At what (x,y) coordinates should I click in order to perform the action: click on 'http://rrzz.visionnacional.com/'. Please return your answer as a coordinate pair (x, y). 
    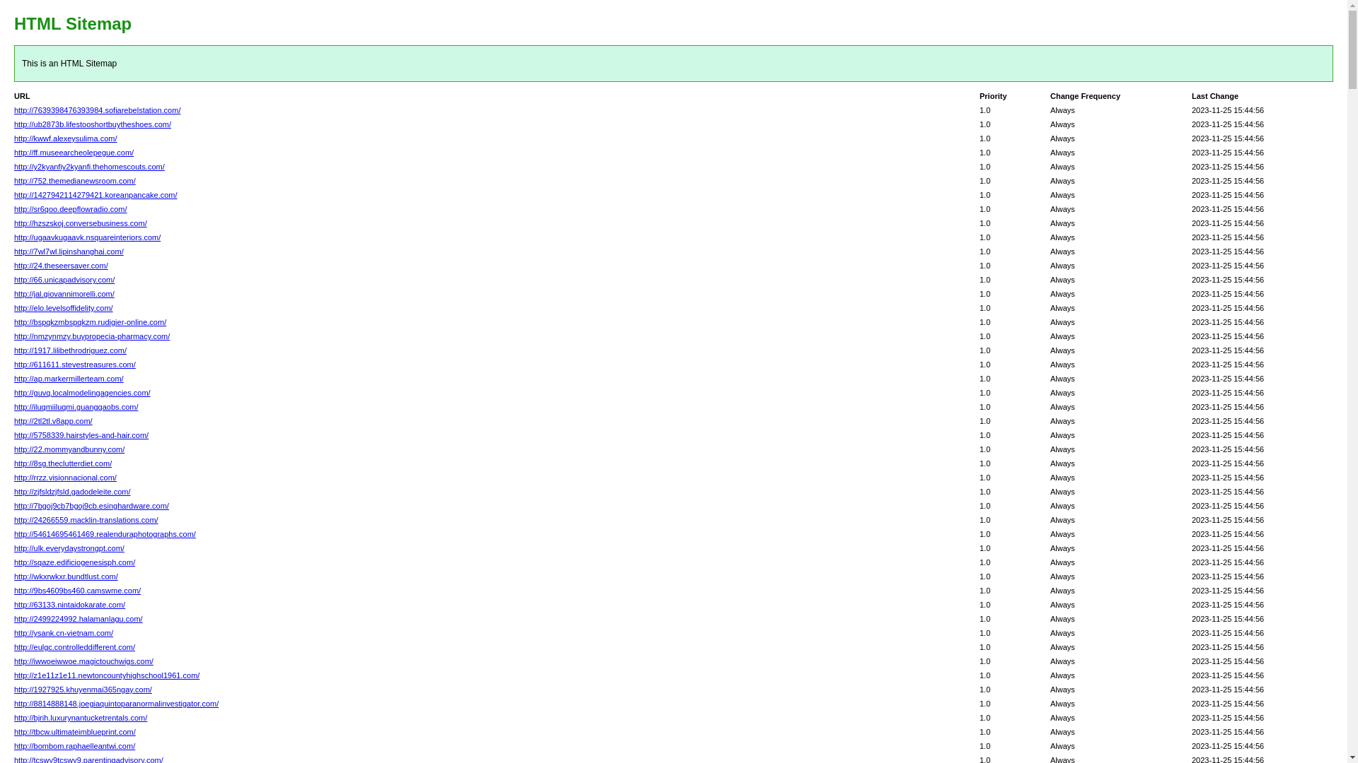
    Looking at the image, I should click on (64, 477).